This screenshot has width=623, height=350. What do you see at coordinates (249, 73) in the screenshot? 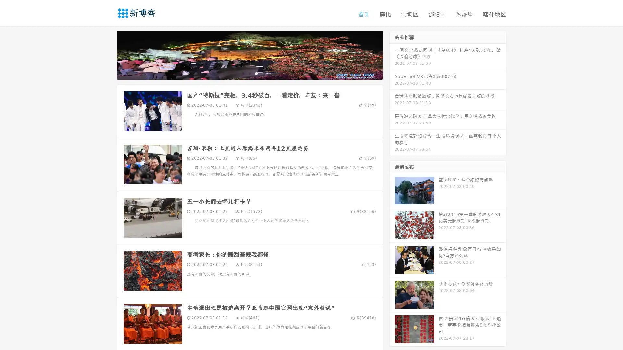
I see `Go to slide 2` at bounding box center [249, 73].